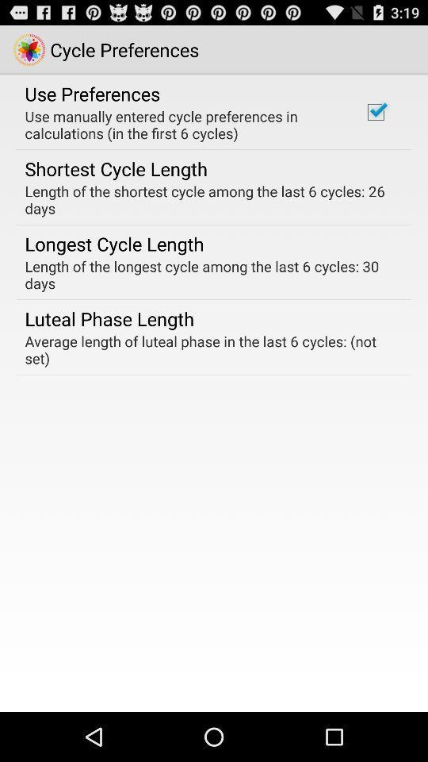  I want to click on item below the use preferences, so click(182, 124).